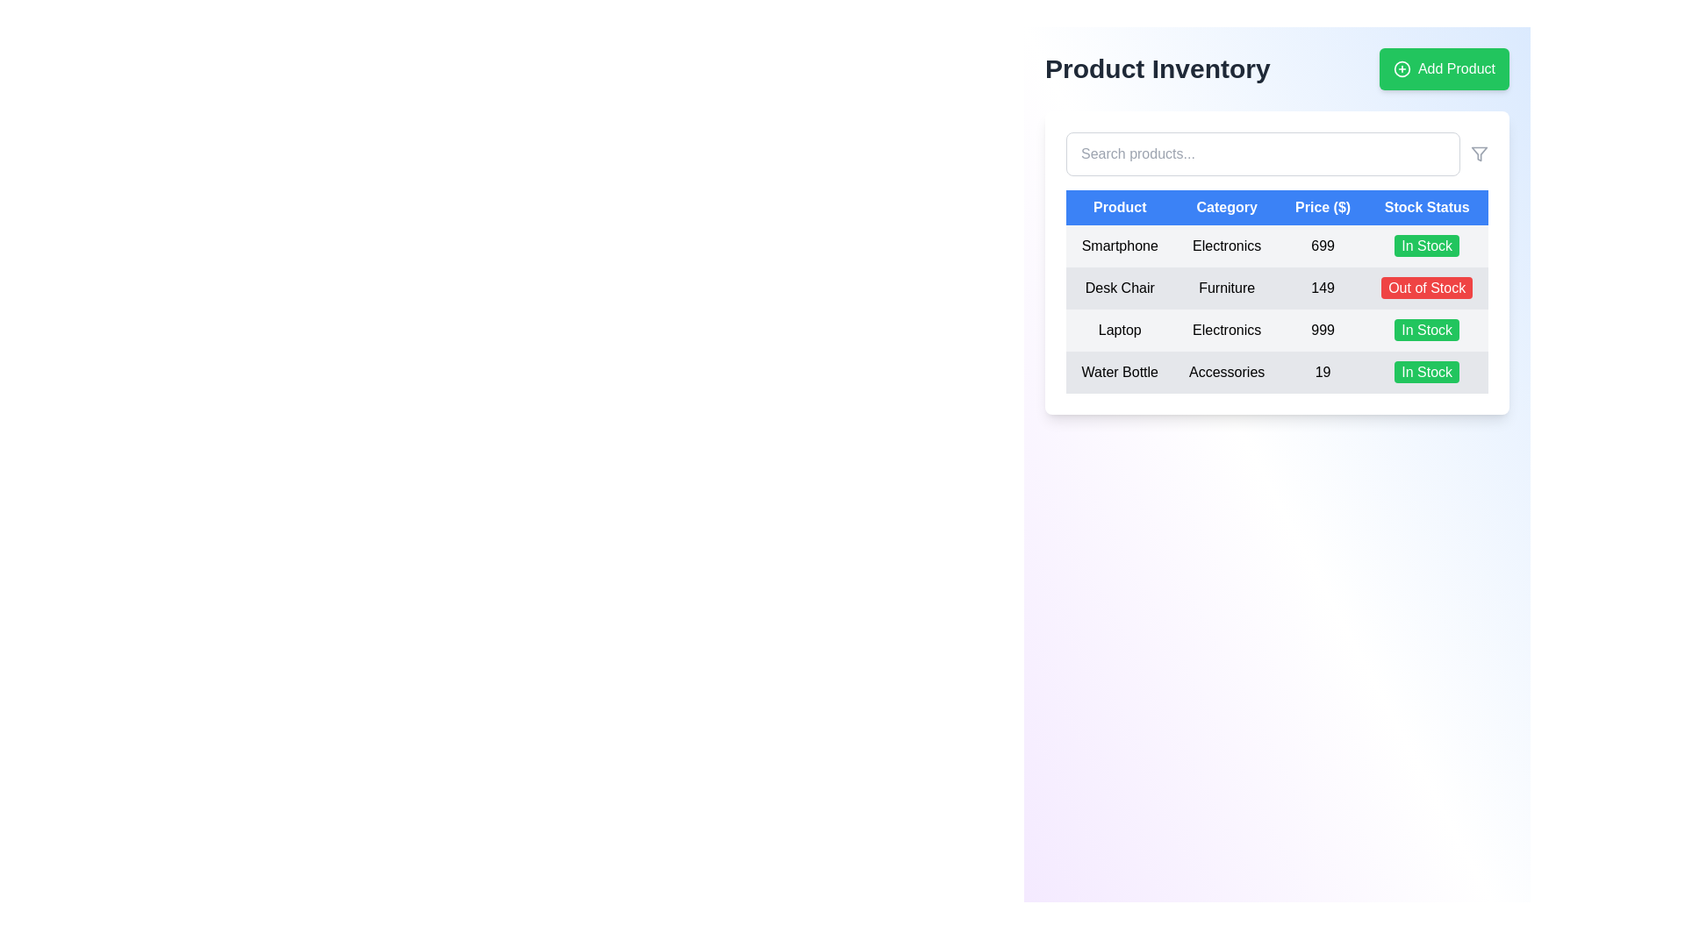  Describe the element at coordinates (1427, 246) in the screenshot. I see `the availability indicator label in the last column of the first row of the 'Product Inventory' section, which shows that the 'Smartphone' is currently in stock` at that location.